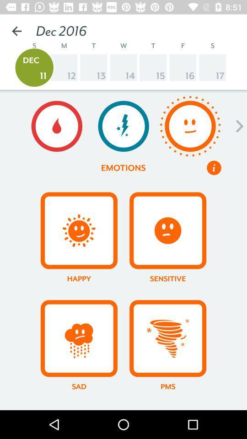  What do you see at coordinates (167, 230) in the screenshot?
I see `icon above sensitive` at bounding box center [167, 230].